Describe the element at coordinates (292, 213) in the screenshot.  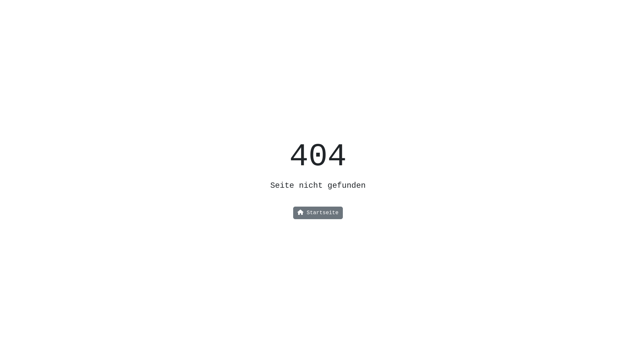
I see `'Startseite'` at that location.